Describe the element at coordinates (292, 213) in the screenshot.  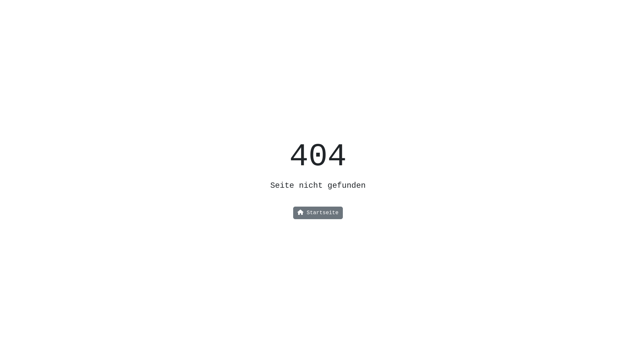
I see `'Startseite'` at that location.